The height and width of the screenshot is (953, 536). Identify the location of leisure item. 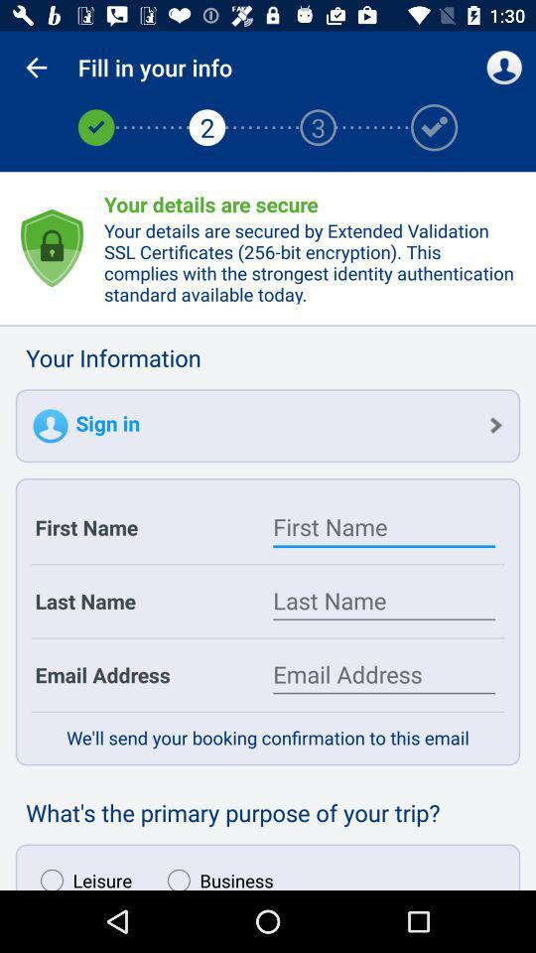
(80, 874).